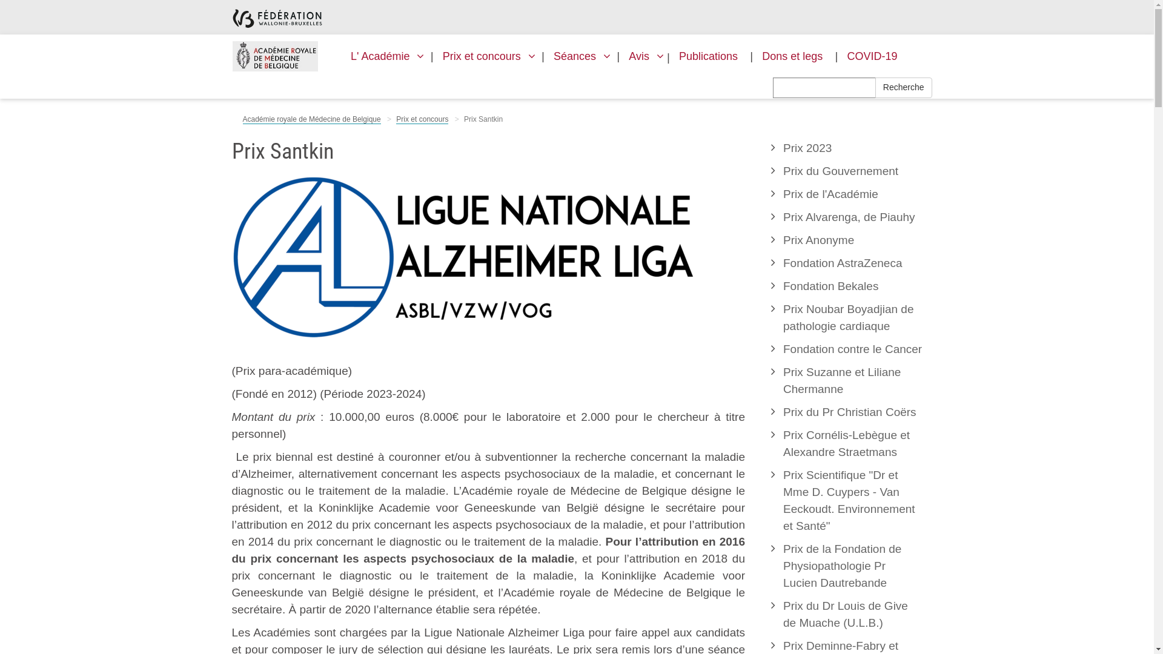 The image size is (1163, 654). What do you see at coordinates (274, 56) in the screenshot?
I see `'ARMB'` at bounding box center [274, 56].